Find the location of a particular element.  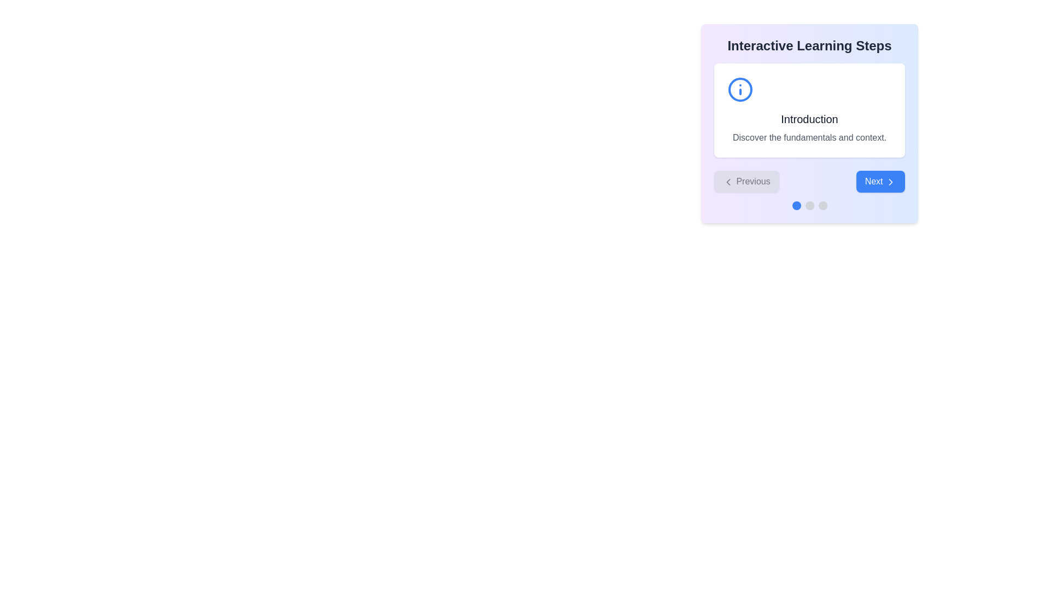

the 'Previous' button with a gray background and left-pointing chevron icon is located at coordinates (746, 181).